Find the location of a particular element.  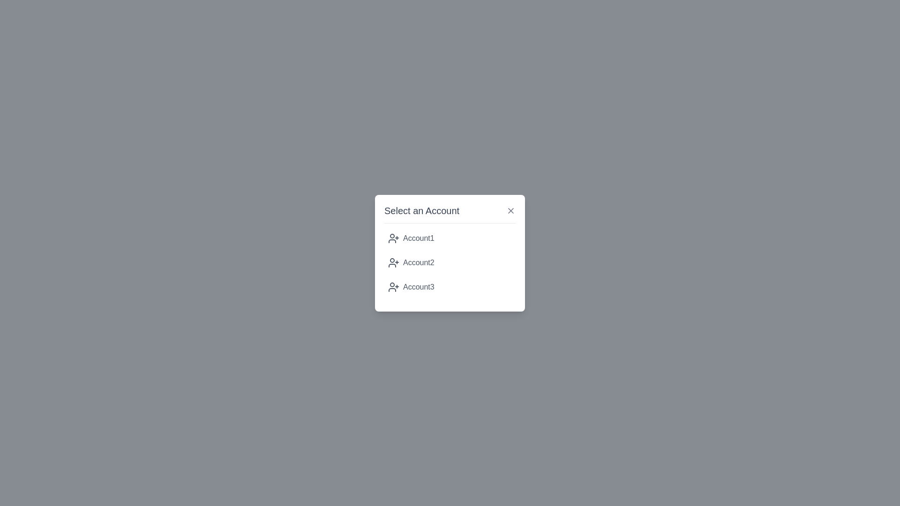

the 'X' button to close the dialog is located at coordinates (510, 210).